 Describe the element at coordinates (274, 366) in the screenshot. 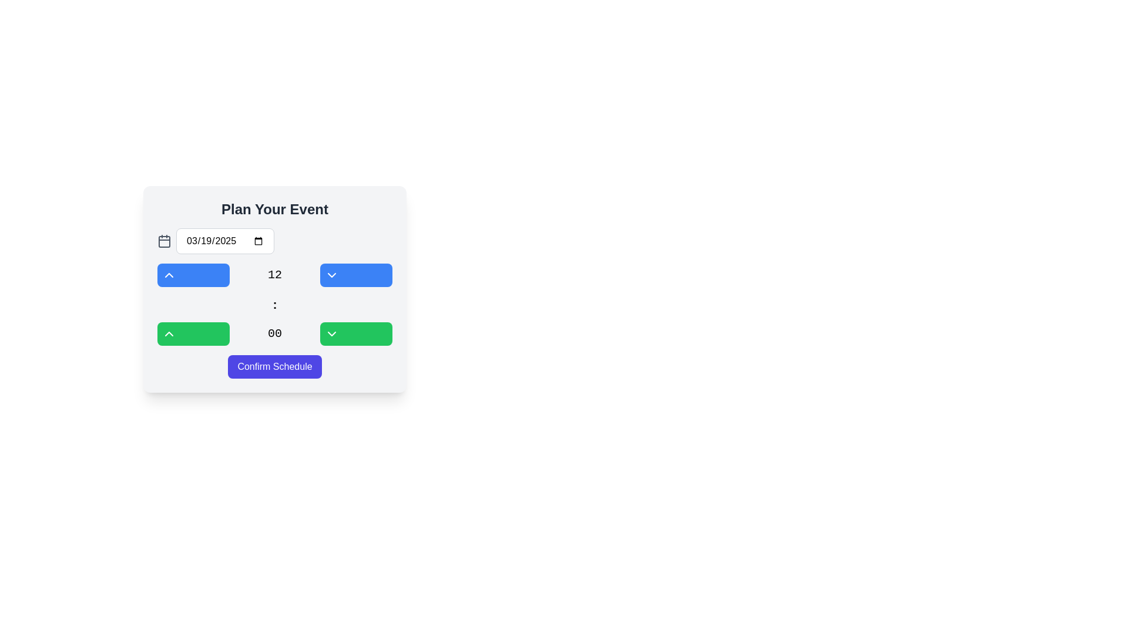

I see `the confirmation button at the bottom of the 'Plan Your Event' dialog box` at that location.